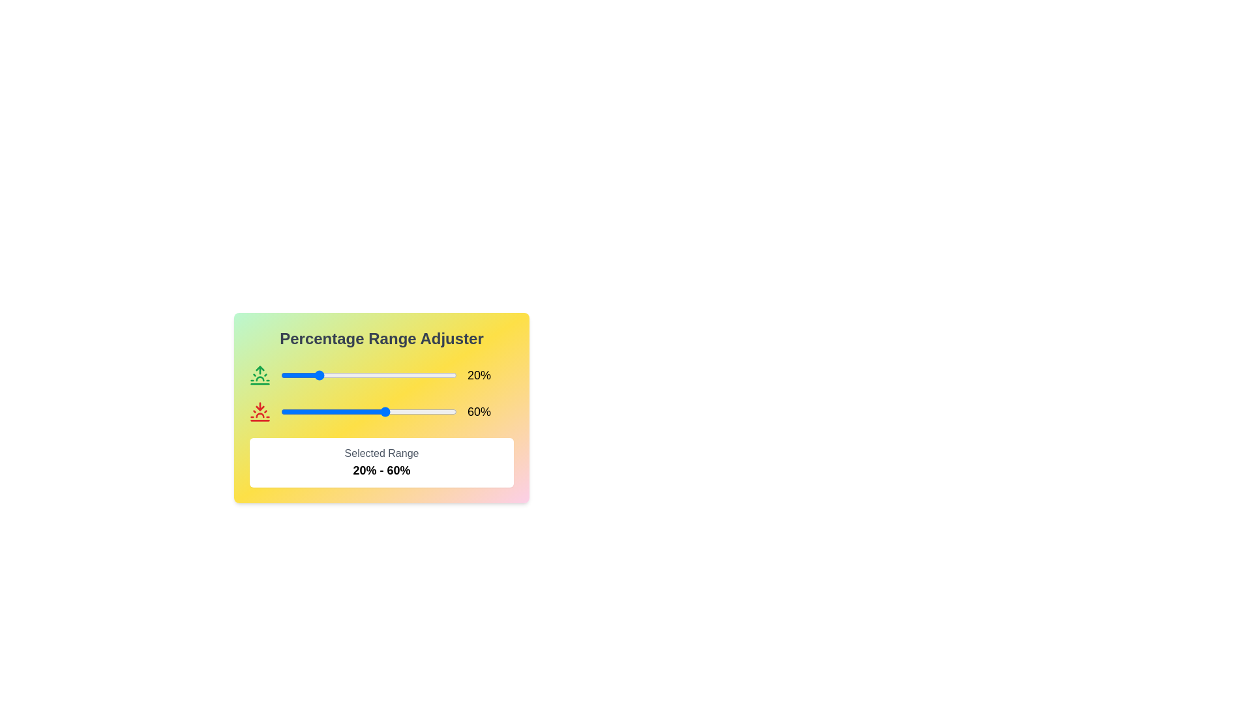  Describe the element at coordinates (381, 470) in the screenshot. I see `the static text display that shows '20% - 60%' in bold and enlarged fonts, located beneath the label 'Selected Range'` at that location.